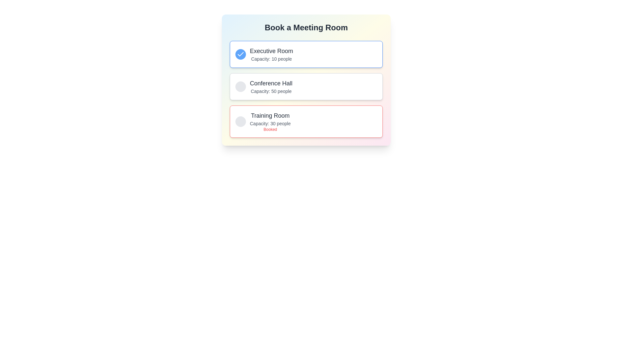  Describe the element at coordinates (264, 86) in the screenshot. I see `the informational text block that provides details about a meeting room, which is positioned between the 'Executive Room' and 'Training Room' cards` at that location.